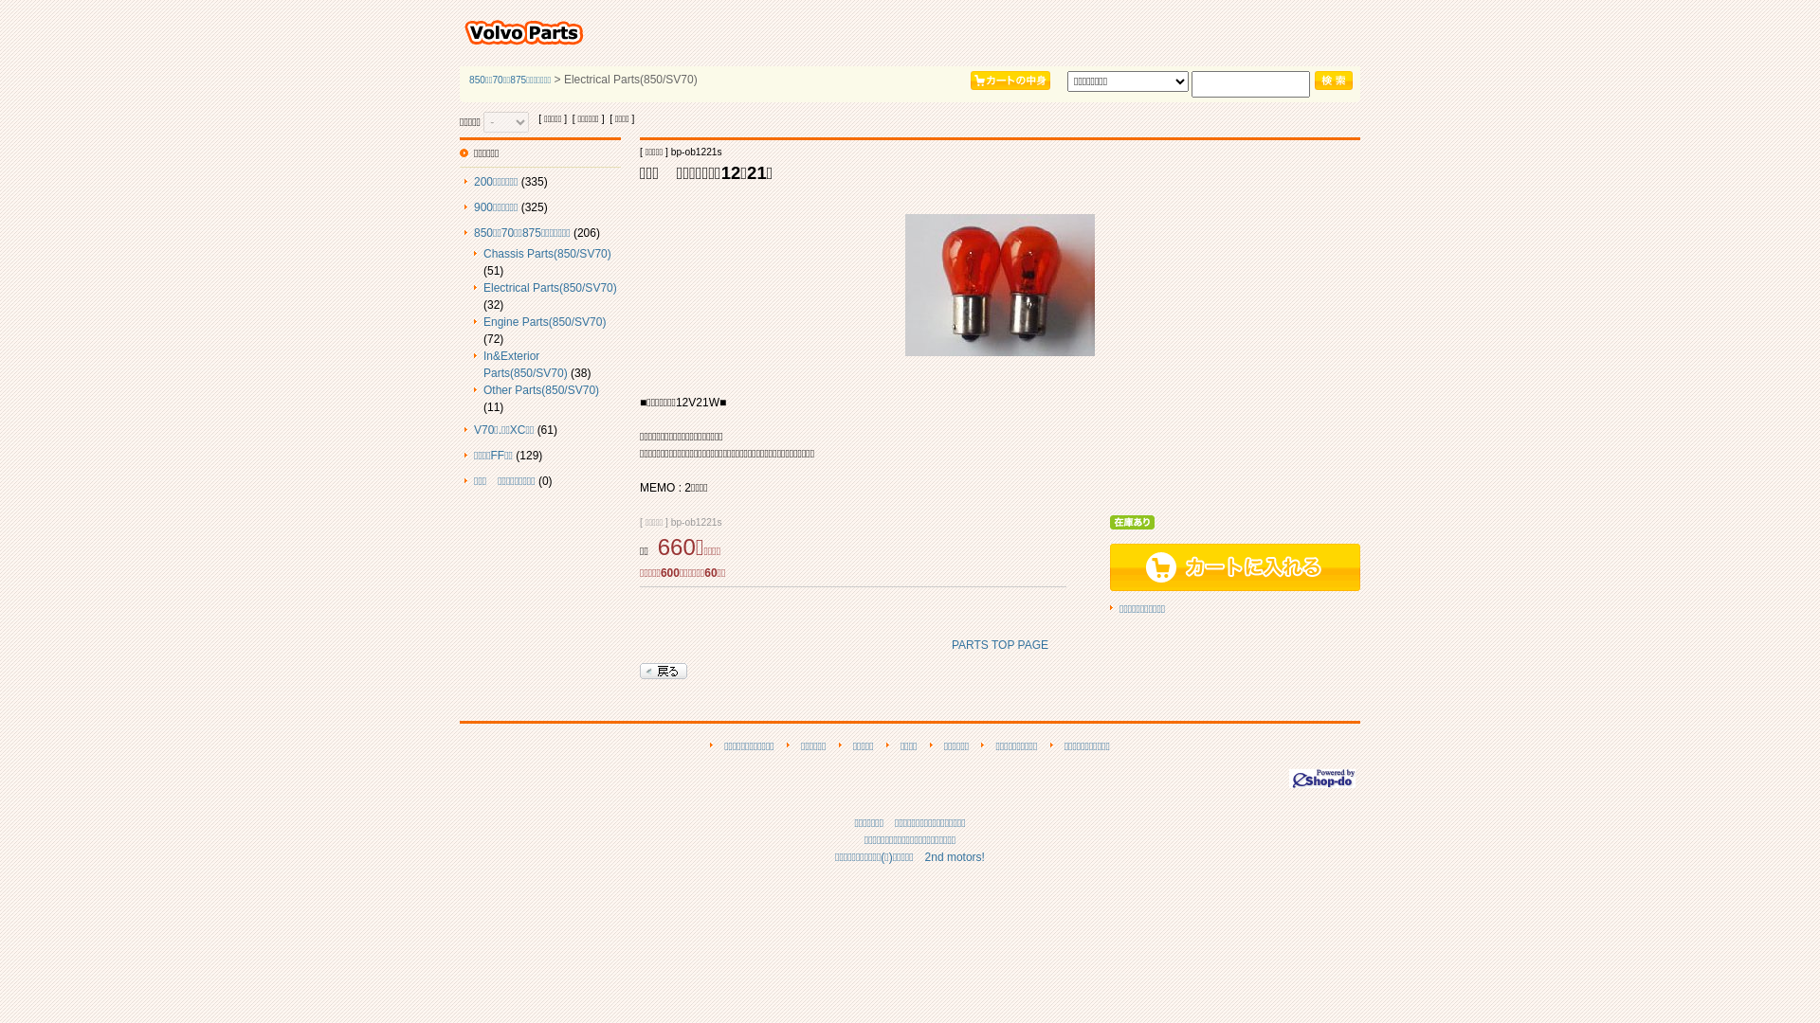 The image size is (1820, 1023). I want to click on 'Engine Parts(850/SV70)', so click(482, 320).